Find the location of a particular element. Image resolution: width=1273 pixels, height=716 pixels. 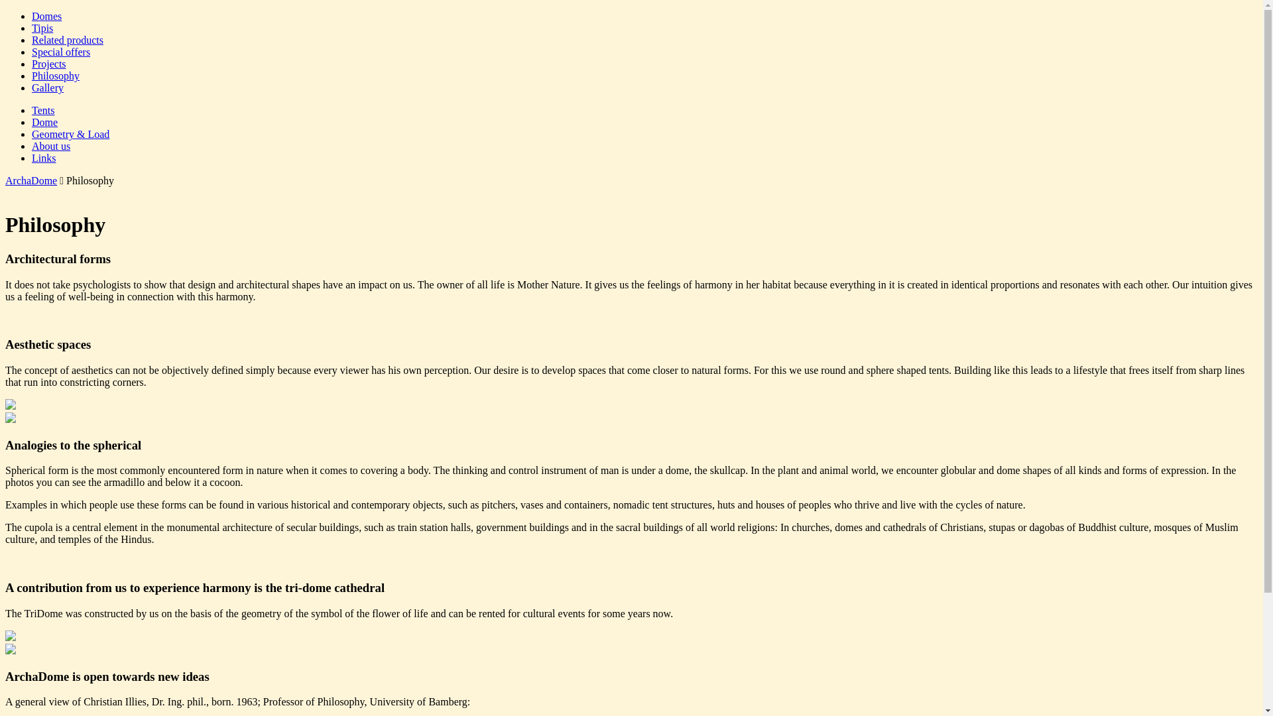

'Related products' is located at coordinates (66, 39).